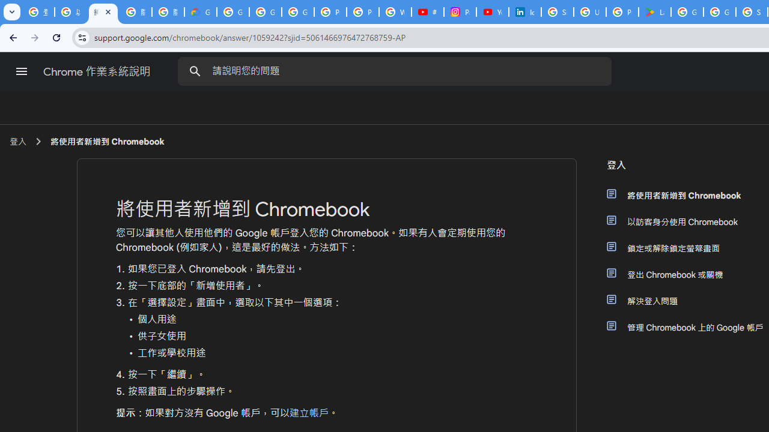 Image resolution: width=769 pixels, height=432 pixels. What do you see at coordinates (427, 12) in the screenshot?
I see `'#nbabasketballhighlights - YouTube'` at bounding box center [427, 12].